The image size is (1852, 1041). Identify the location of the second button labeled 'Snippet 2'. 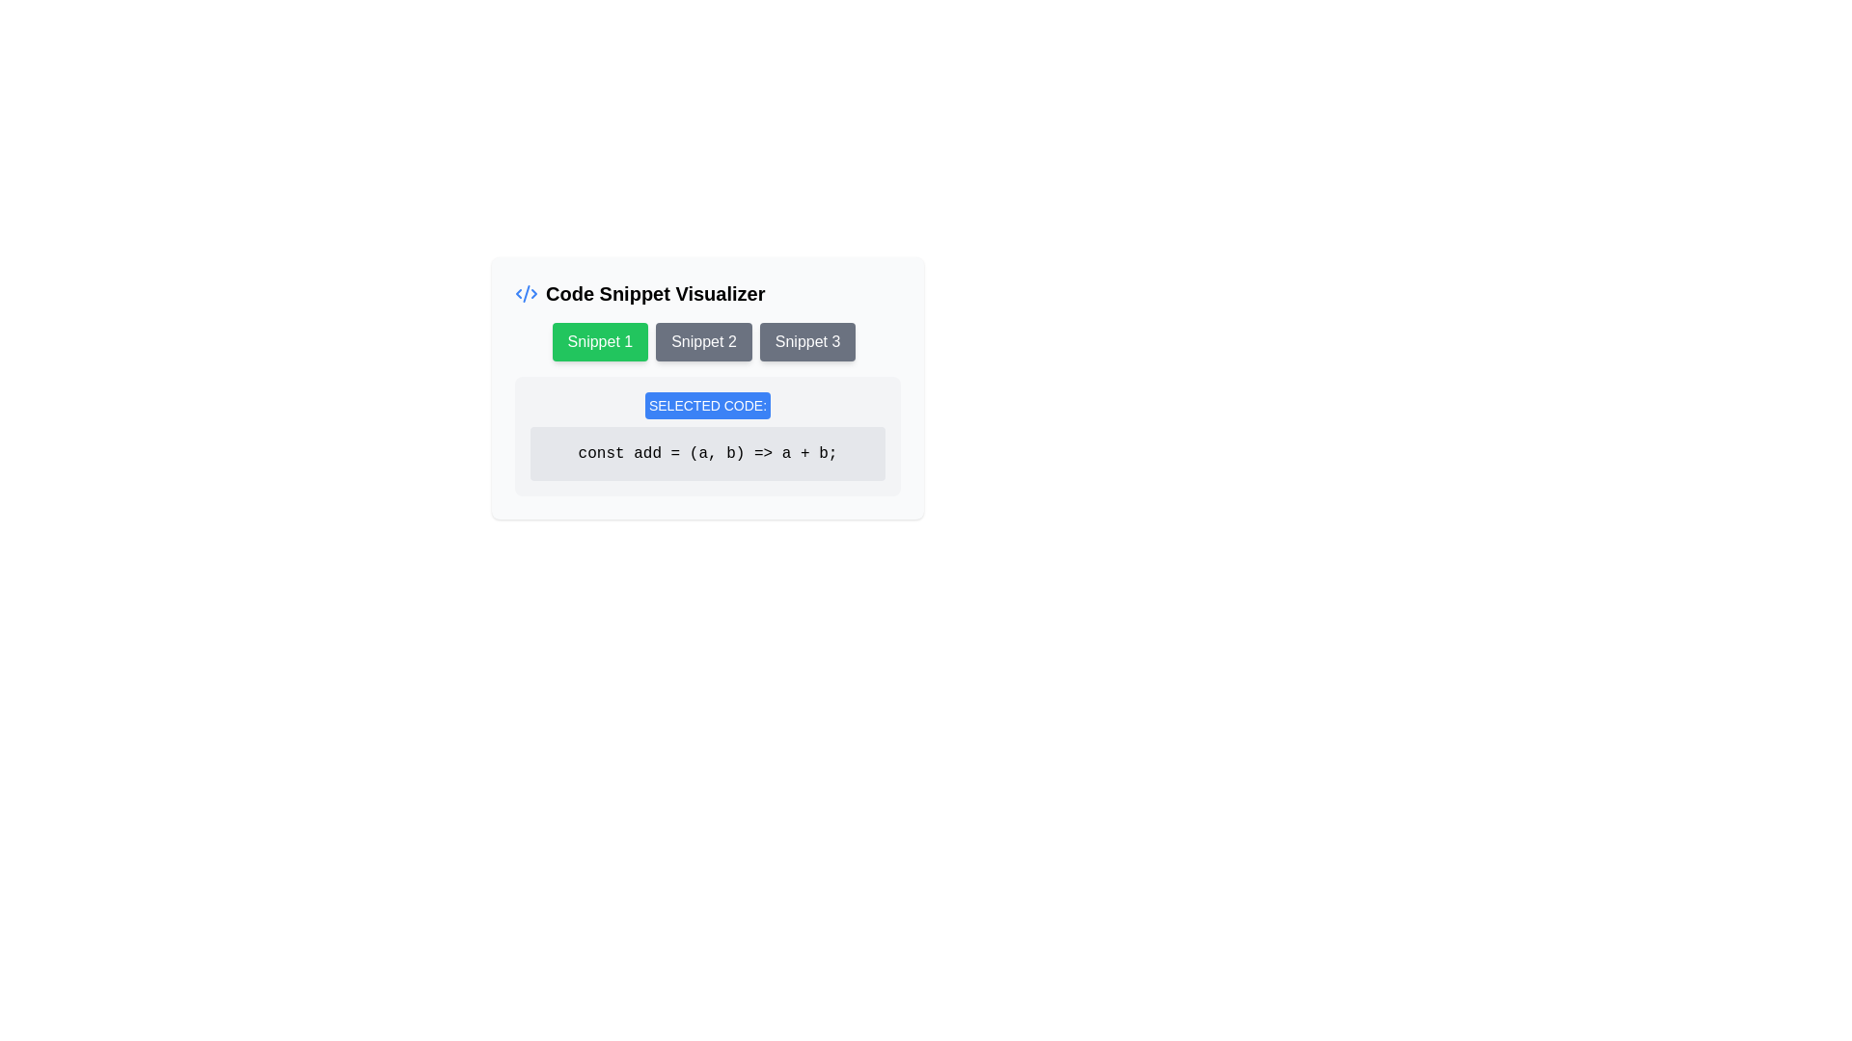
(707, 340).